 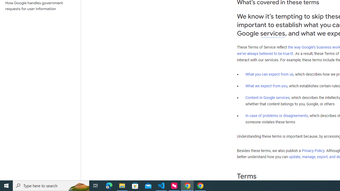 I want to click on 'In case of problems or disagreements', so click(x=276, y=115).